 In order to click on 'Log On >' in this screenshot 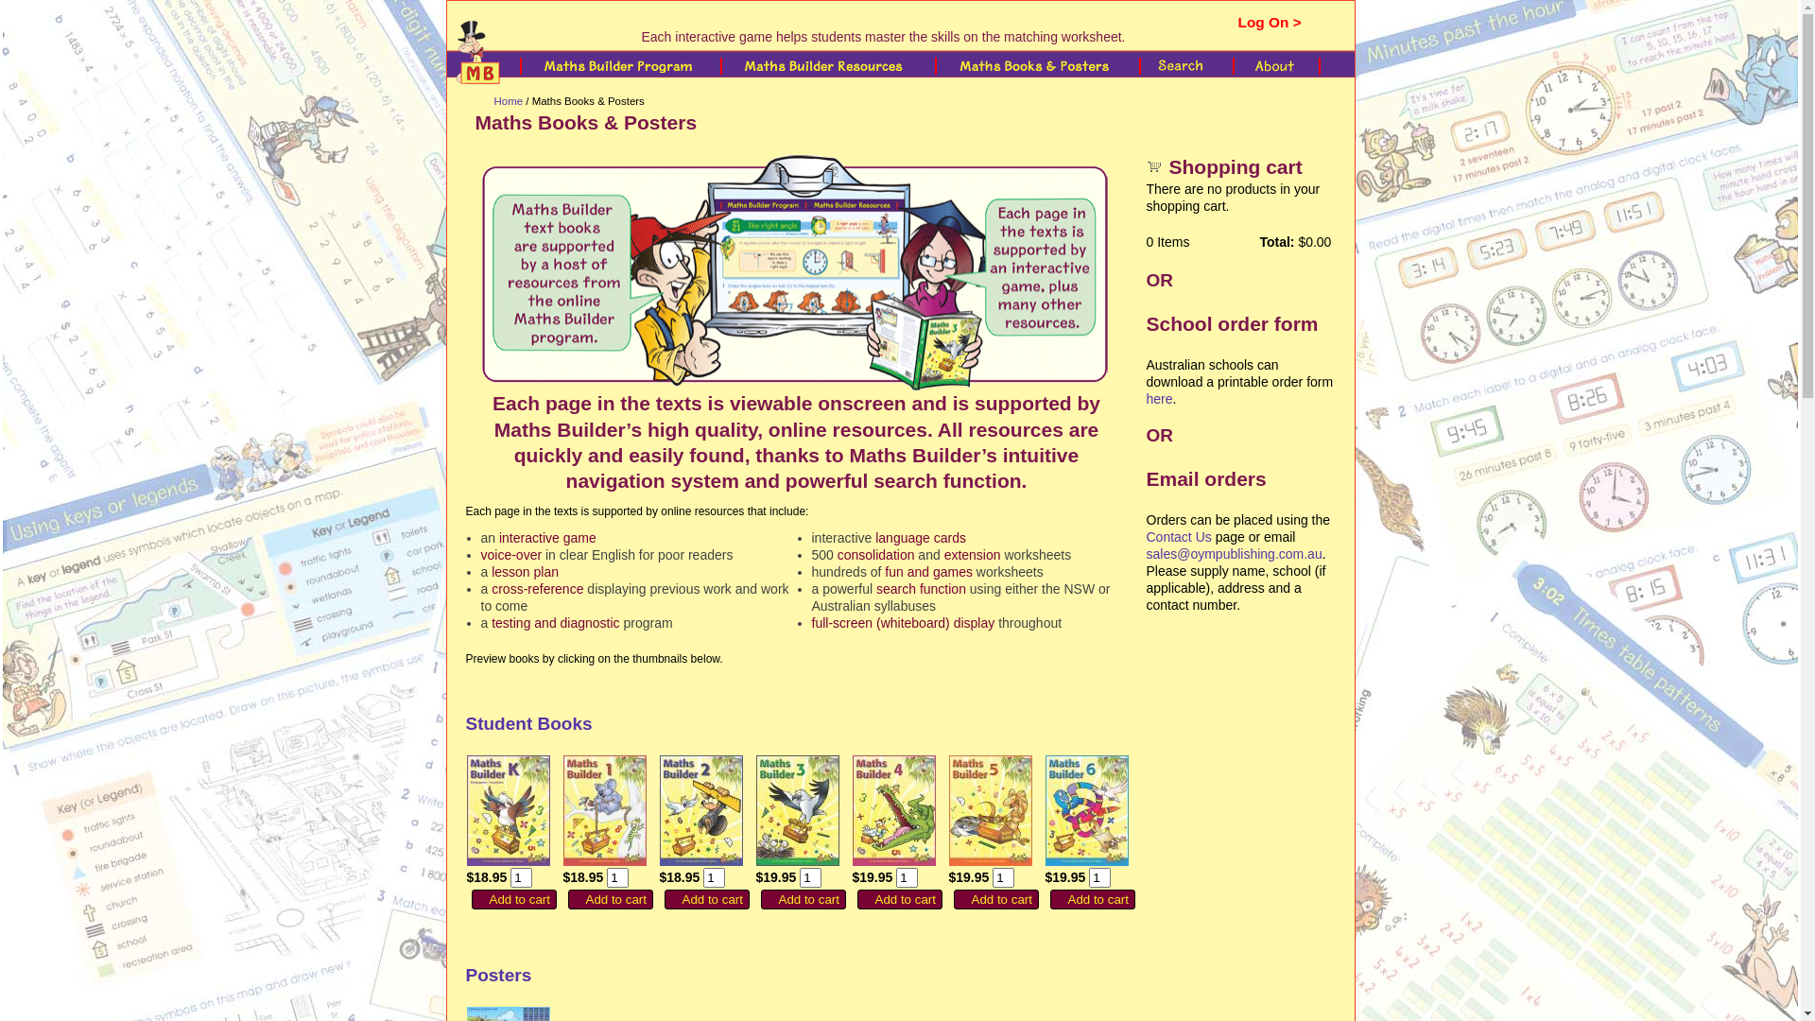, I will do `click(1270, 22)`.